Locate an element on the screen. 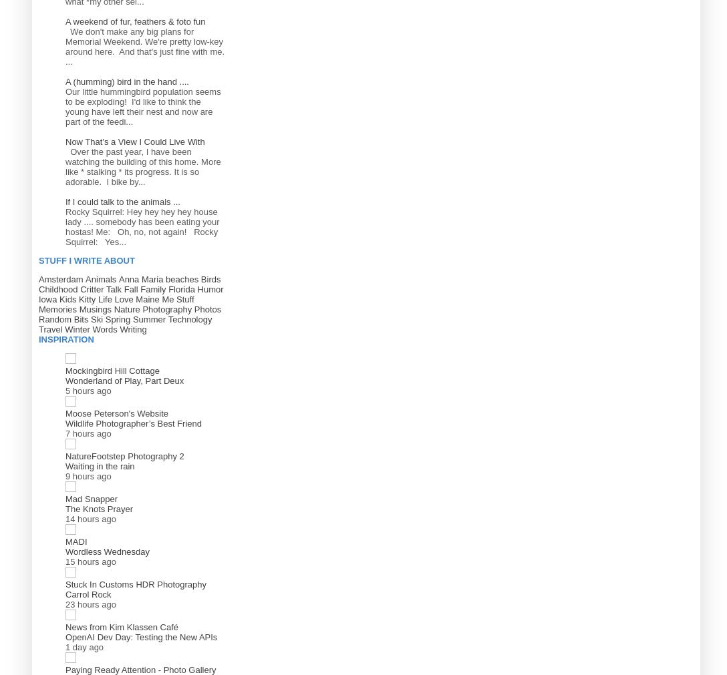 This screenshot has width=727, height=675. 'The Knots Prayer' is located at coordinates (98, 507).